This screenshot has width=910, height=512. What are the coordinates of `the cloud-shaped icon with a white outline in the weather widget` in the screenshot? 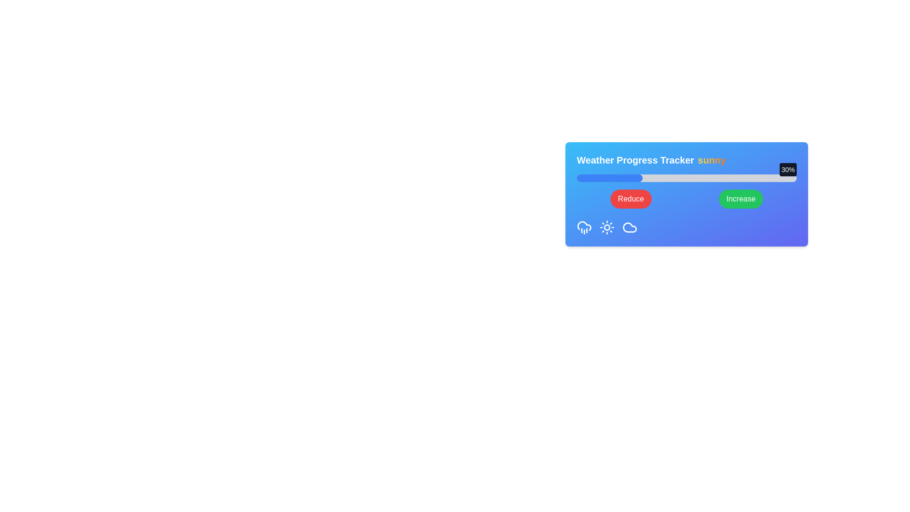 It's located at (630, 227).